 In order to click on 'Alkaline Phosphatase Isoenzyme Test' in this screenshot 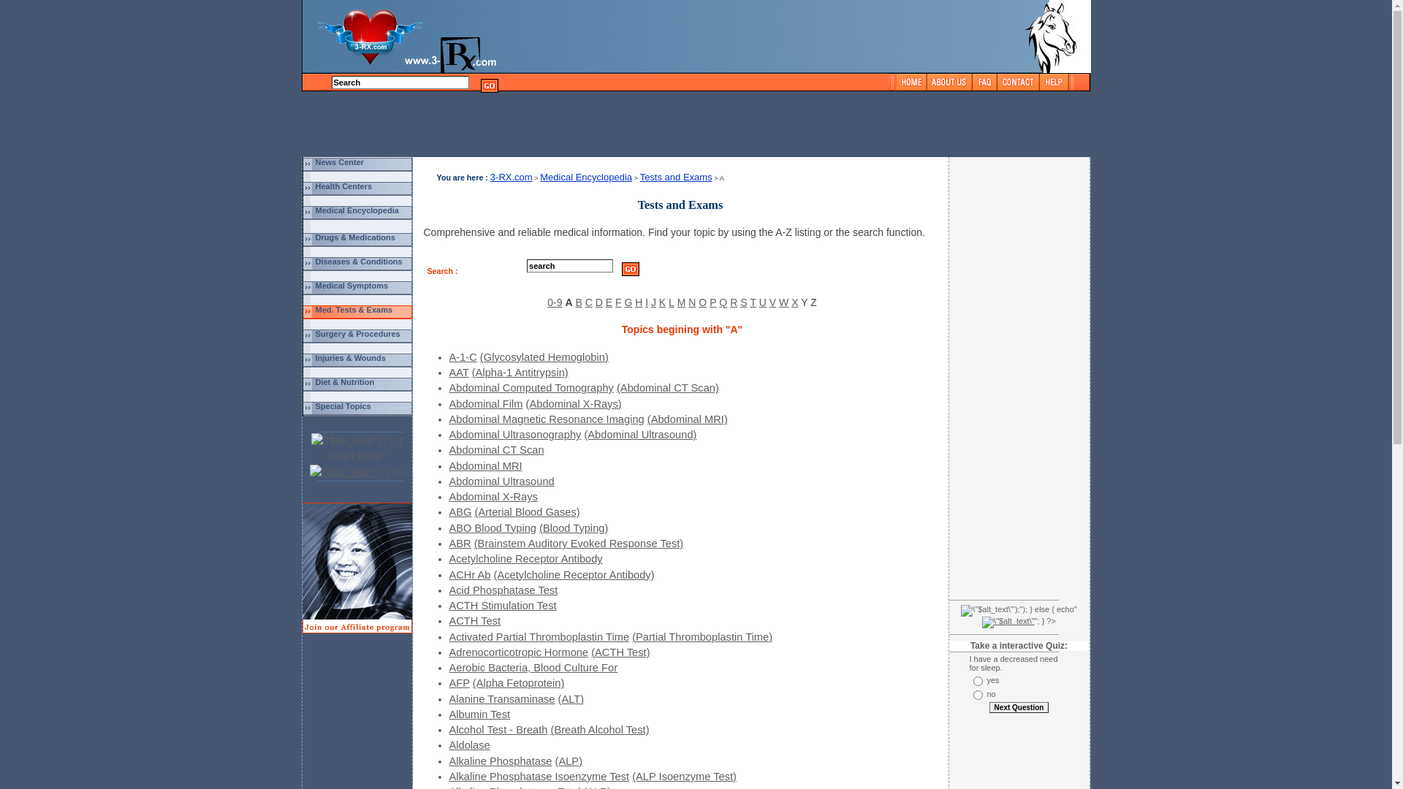, I will do `click(448, 776)`.